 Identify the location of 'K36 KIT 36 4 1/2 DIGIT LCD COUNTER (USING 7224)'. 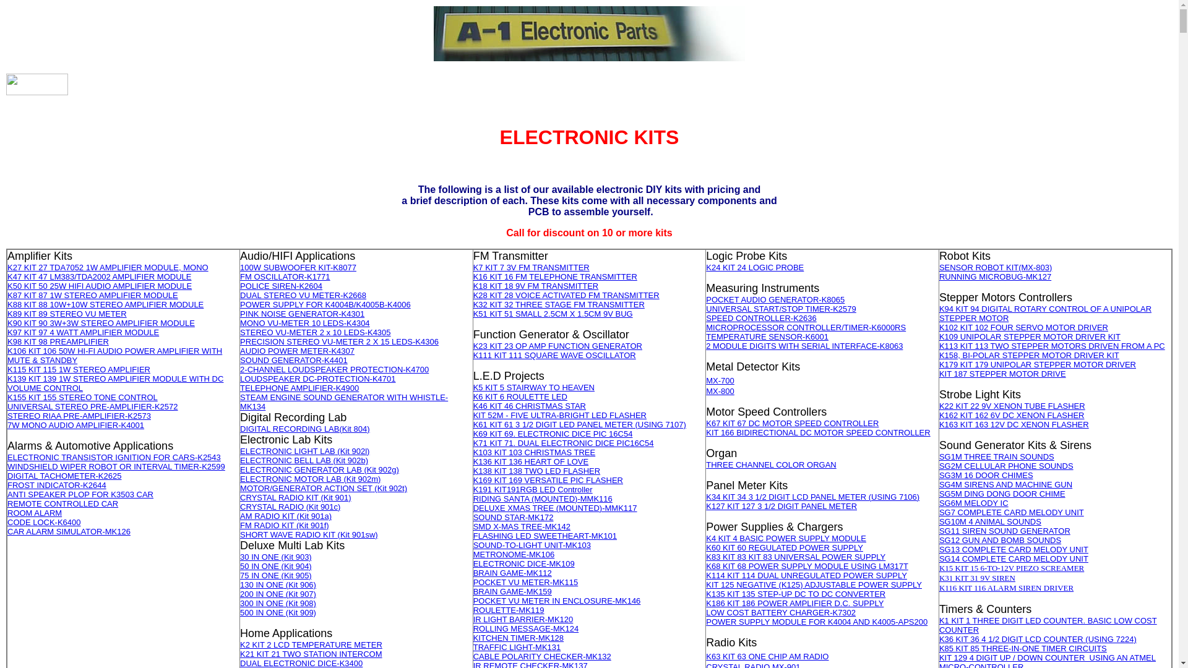
(1038, 639).